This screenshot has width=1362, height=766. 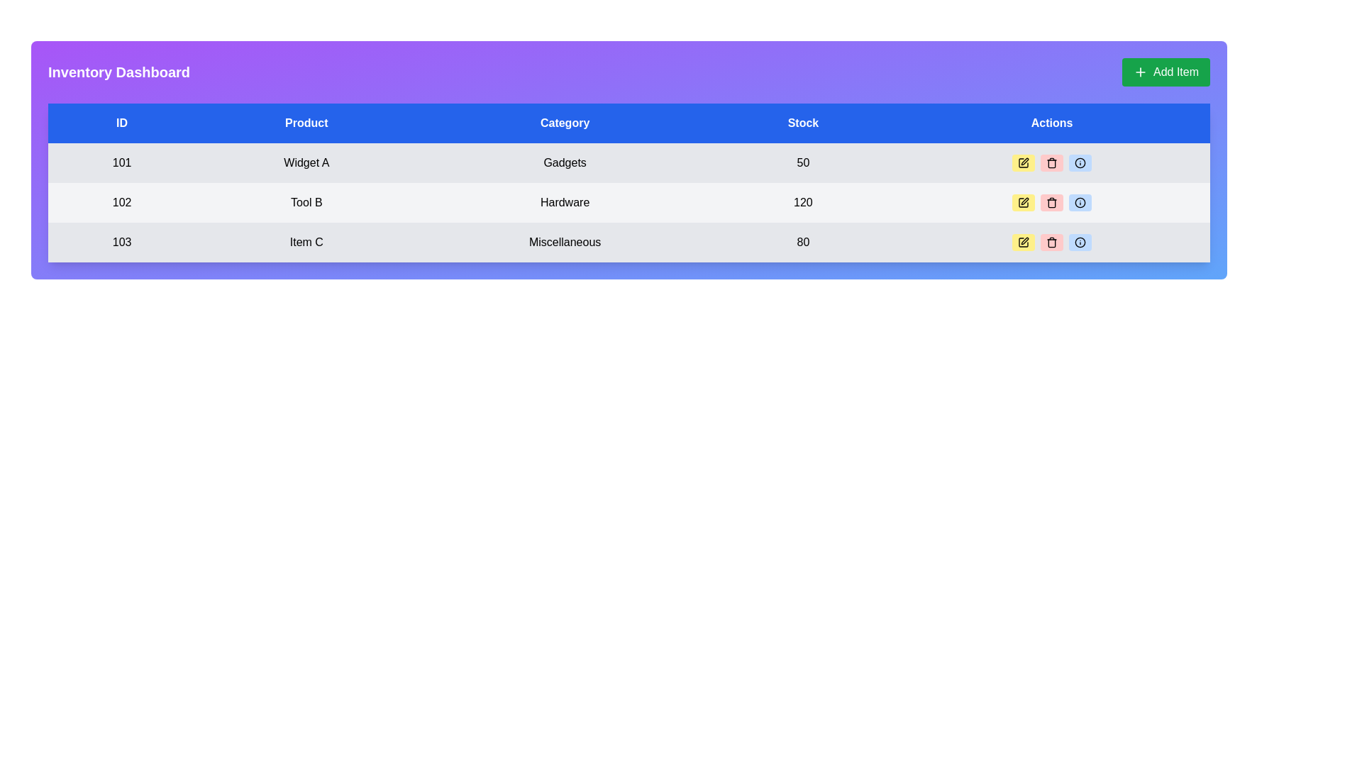 I want to click on the content of the Static text field displaying the unique identifier (ID) for 'Tool B', located in the second row of the table under the 'ID' column, so click(x=122, y=202).